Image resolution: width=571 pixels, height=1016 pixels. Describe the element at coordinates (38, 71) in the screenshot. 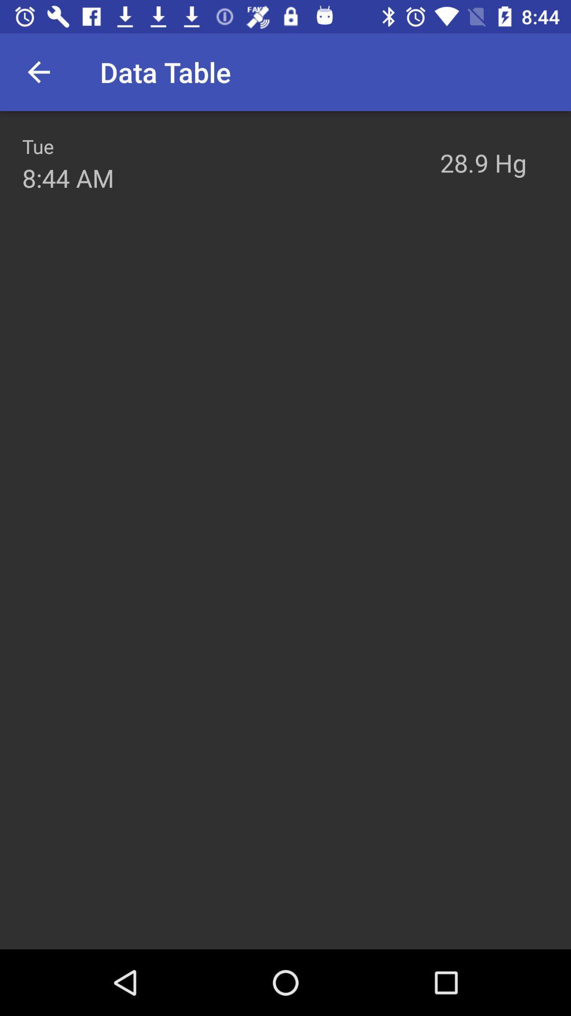

I see `the icon to the left of data table item` at that location.